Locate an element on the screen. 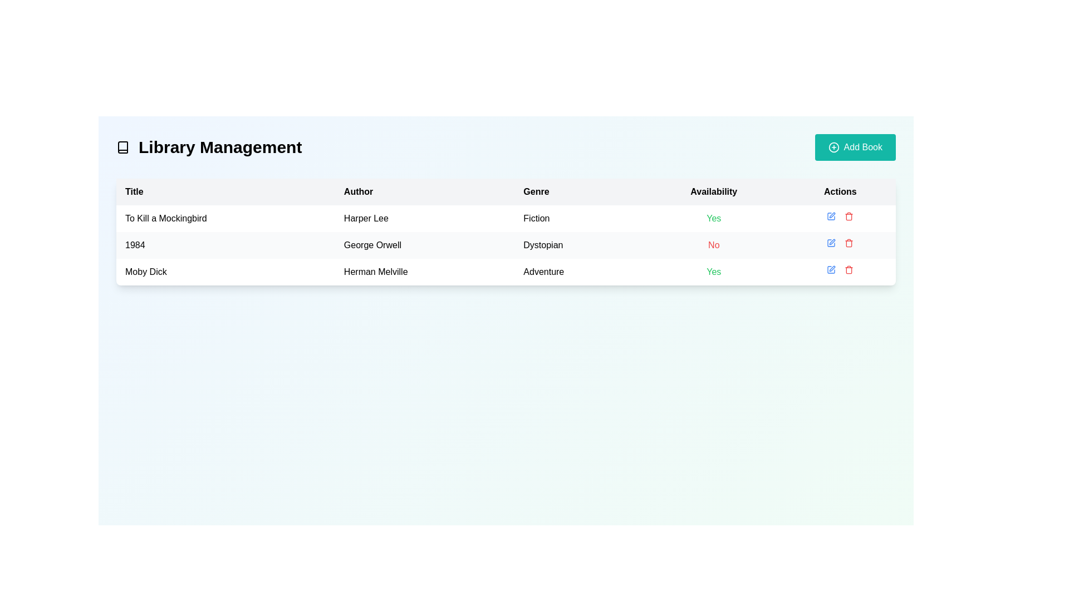  the table cell representing the genre of the book 'Moby Dick', located in the third row and third column of the library management table is located at coordinates (578, 272).